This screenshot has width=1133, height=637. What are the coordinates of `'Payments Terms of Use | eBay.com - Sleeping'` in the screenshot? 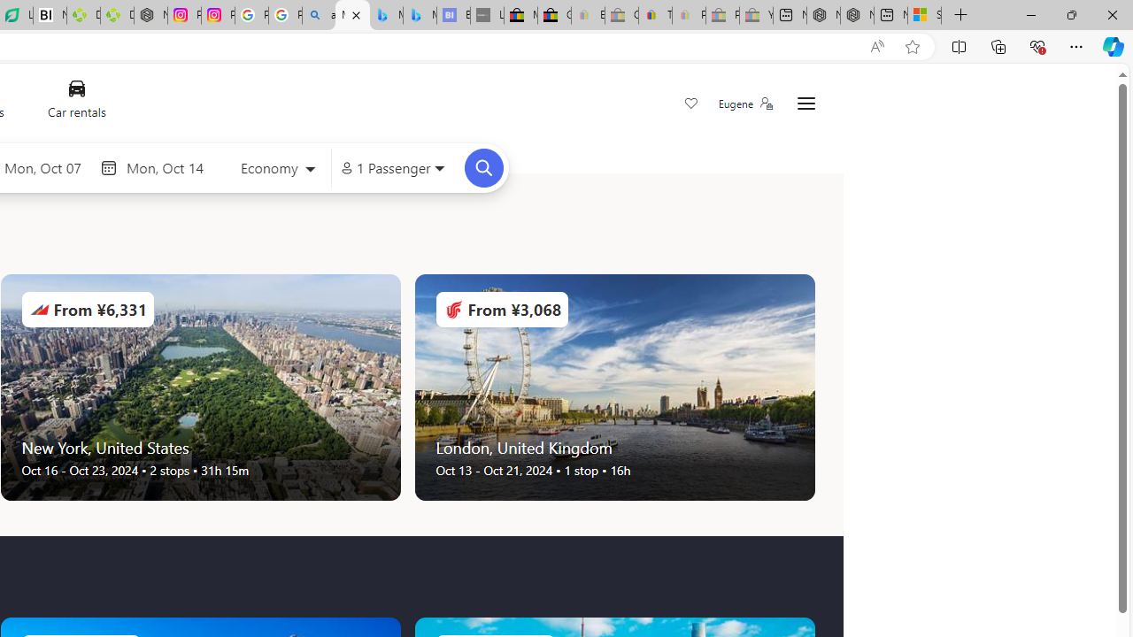 It's located at (688, 15).